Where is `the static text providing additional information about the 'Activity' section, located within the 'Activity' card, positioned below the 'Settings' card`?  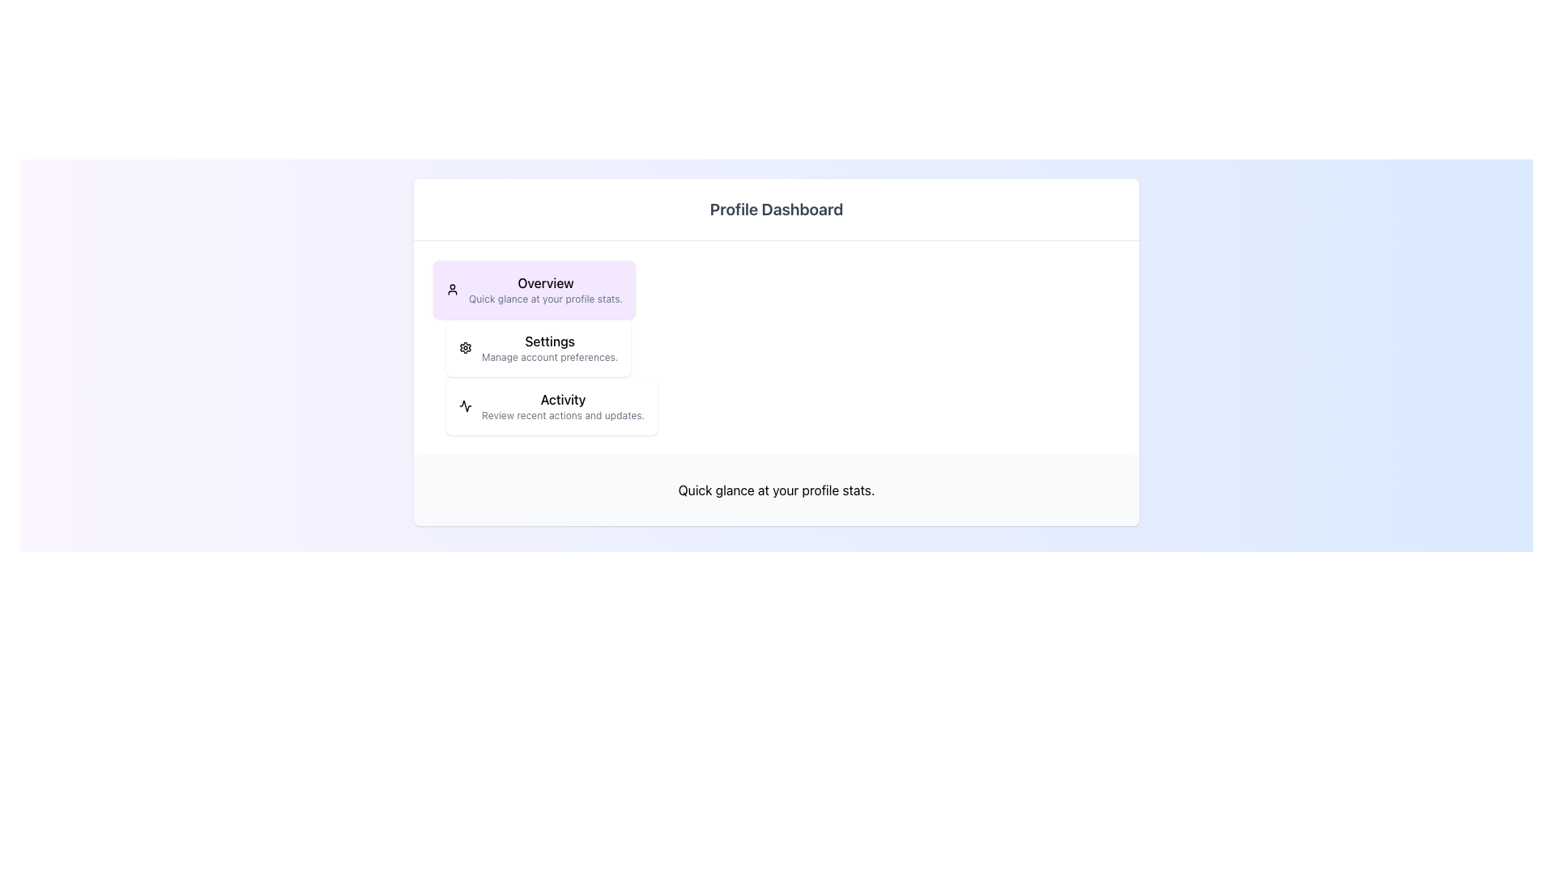
the static text providing additional information about the 'Activity' section, located within the 'Activity' card, positioned below the 'Settings' card is located at coordinates (563, 405).